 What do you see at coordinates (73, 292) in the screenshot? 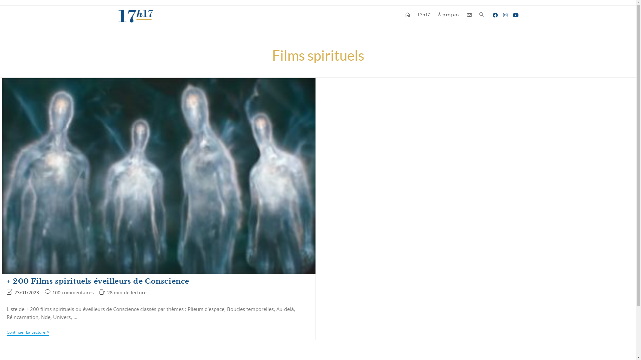
I see `'100 commentaires'` at bounding box center [73, 292].